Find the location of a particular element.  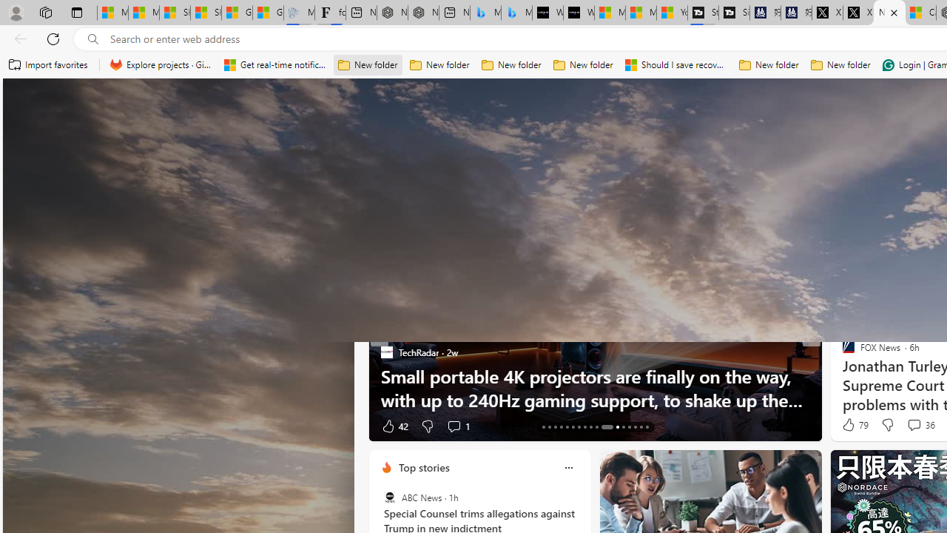

'AutomationID: tab-25' is located at coordinates (623, 427).